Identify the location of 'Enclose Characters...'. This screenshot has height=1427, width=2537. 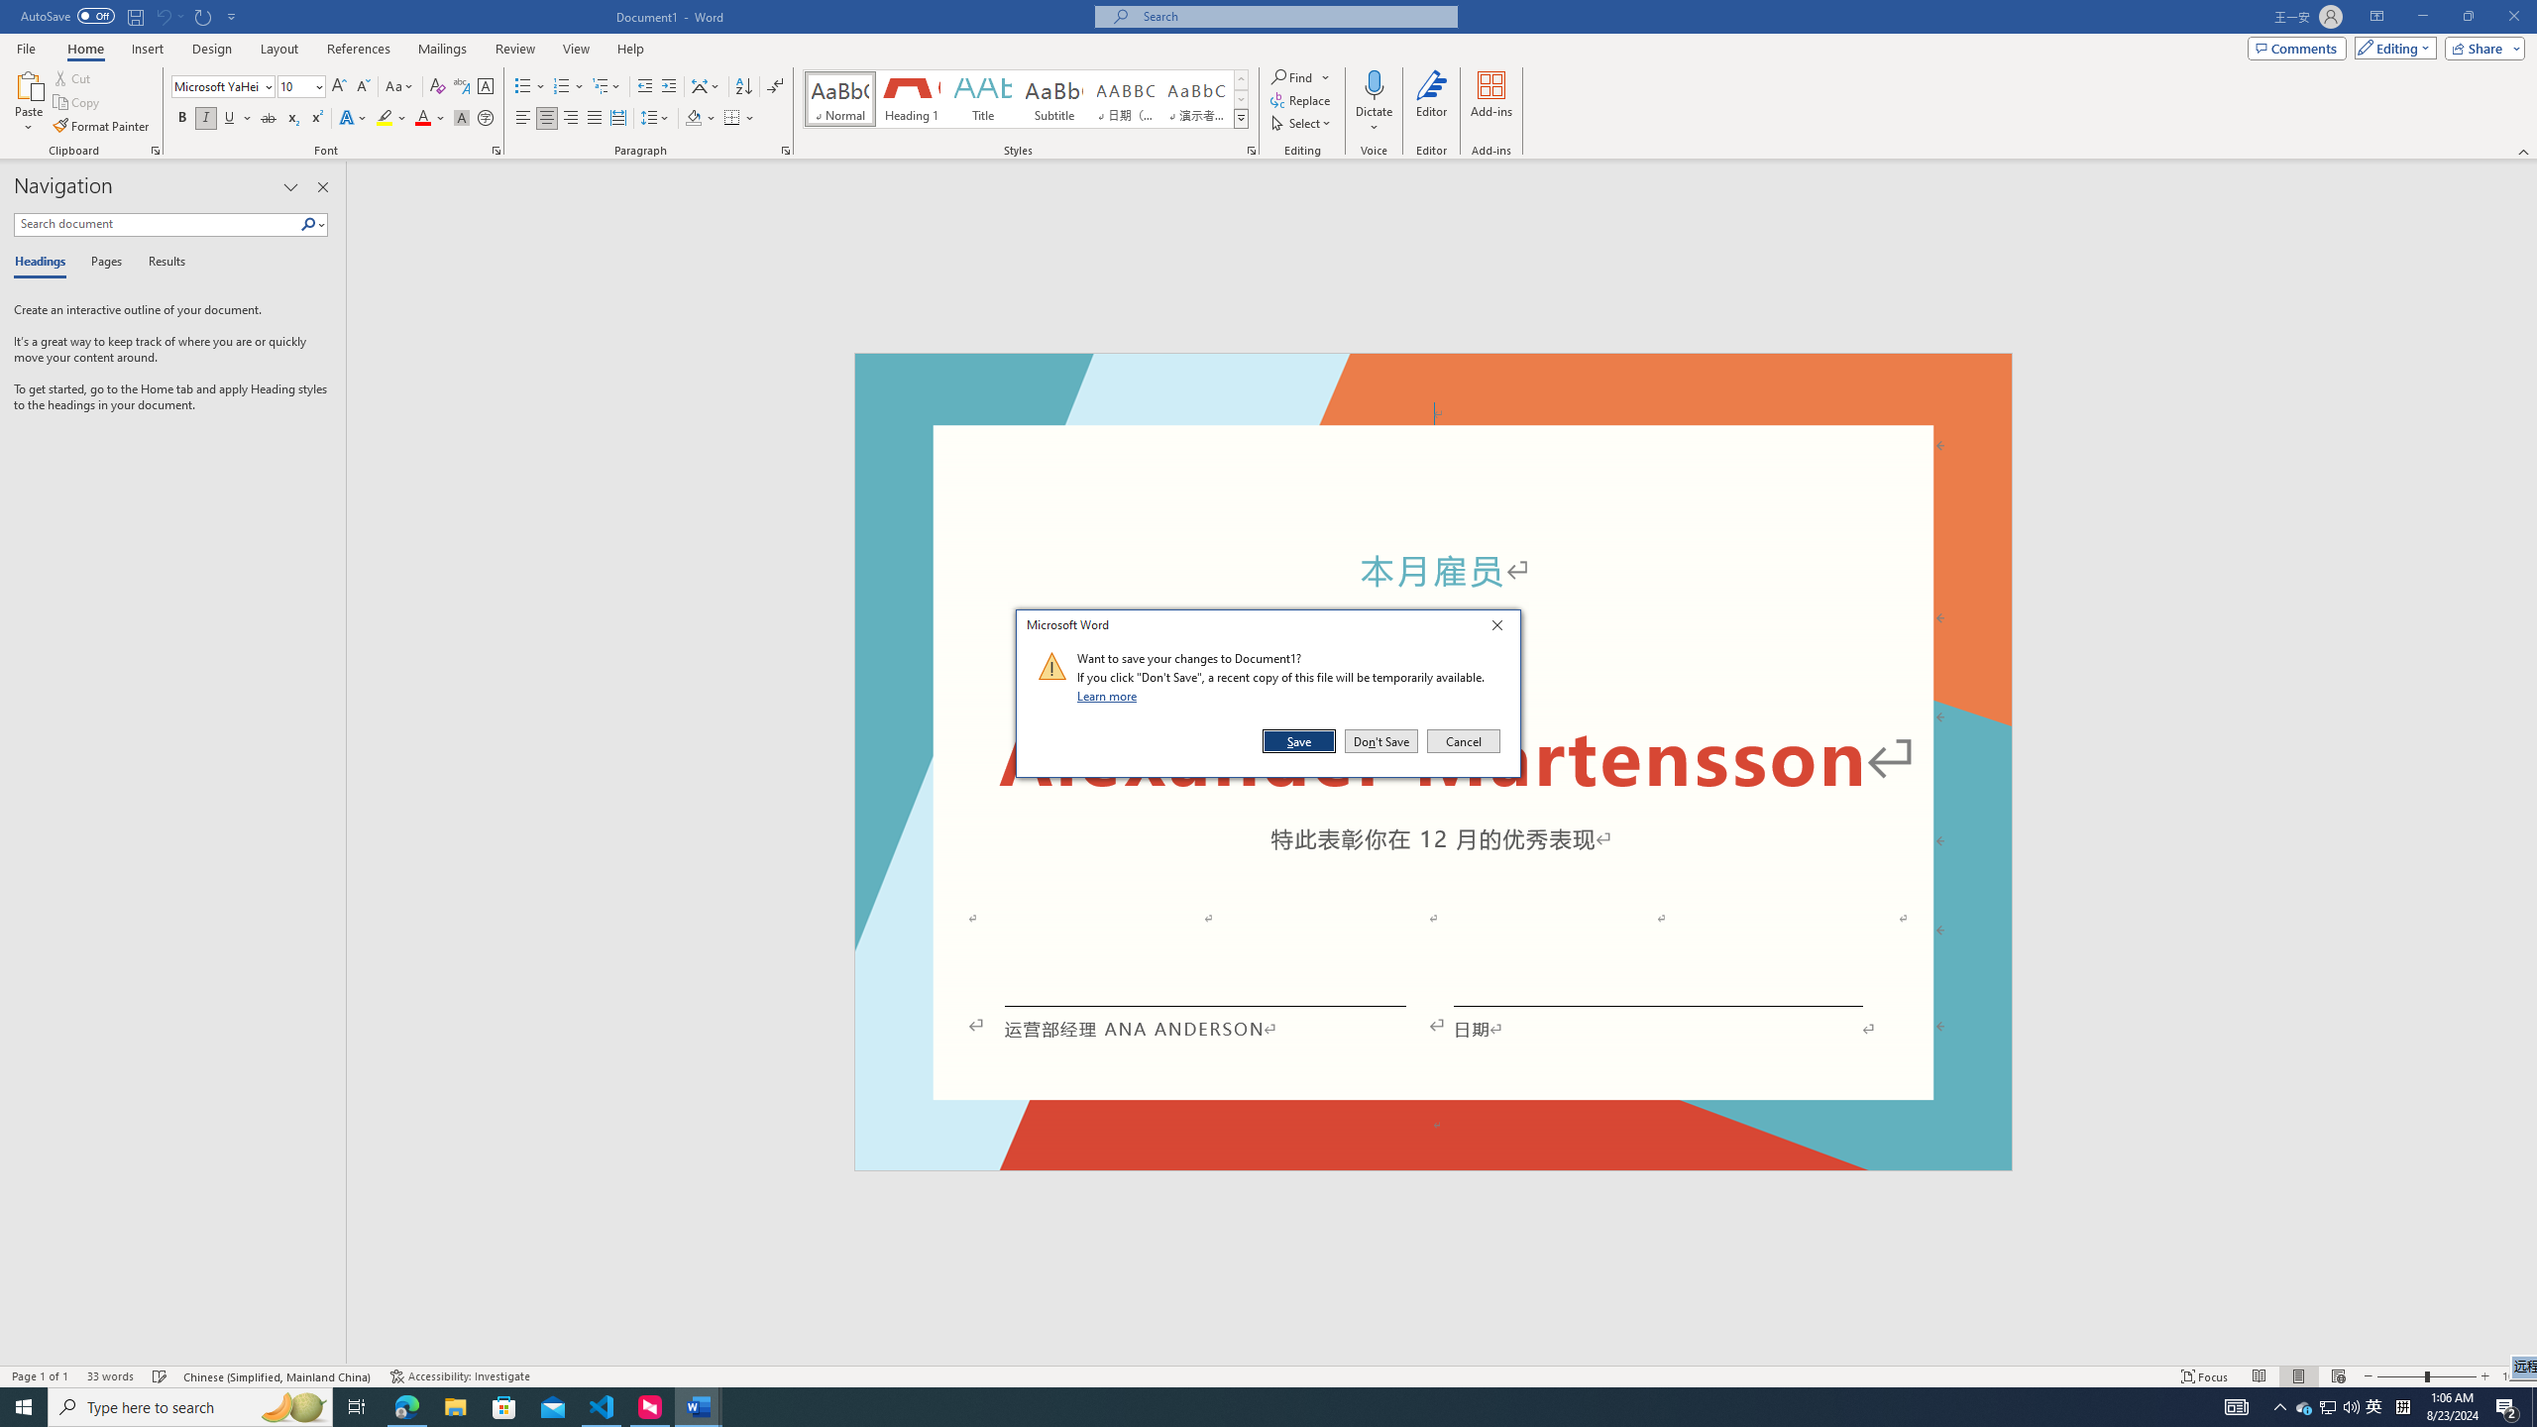
(485, 117).